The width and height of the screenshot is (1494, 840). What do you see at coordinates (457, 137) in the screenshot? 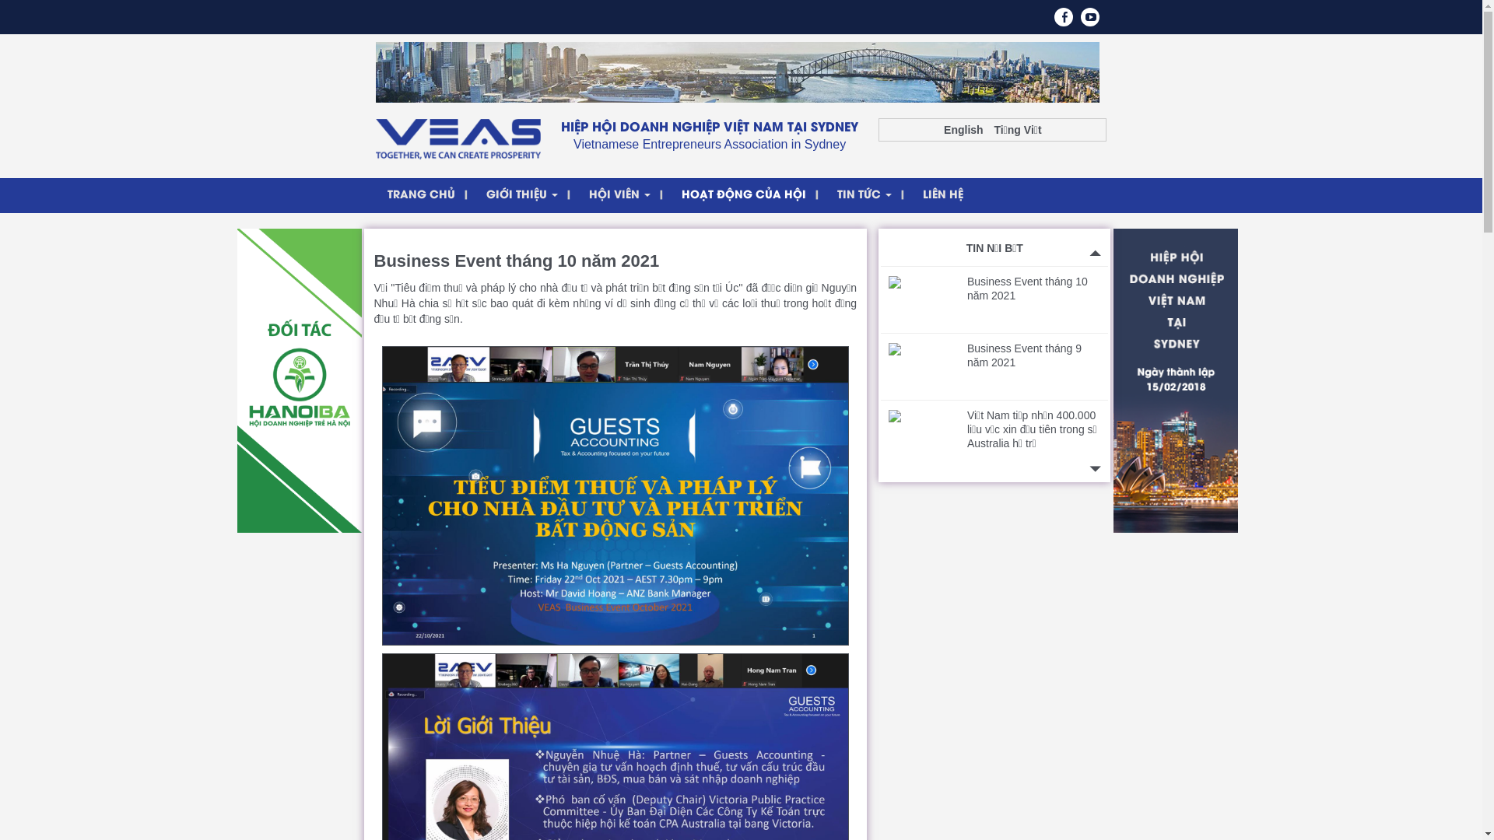
I see `'VEAS'` at bounding box center [457, 137].